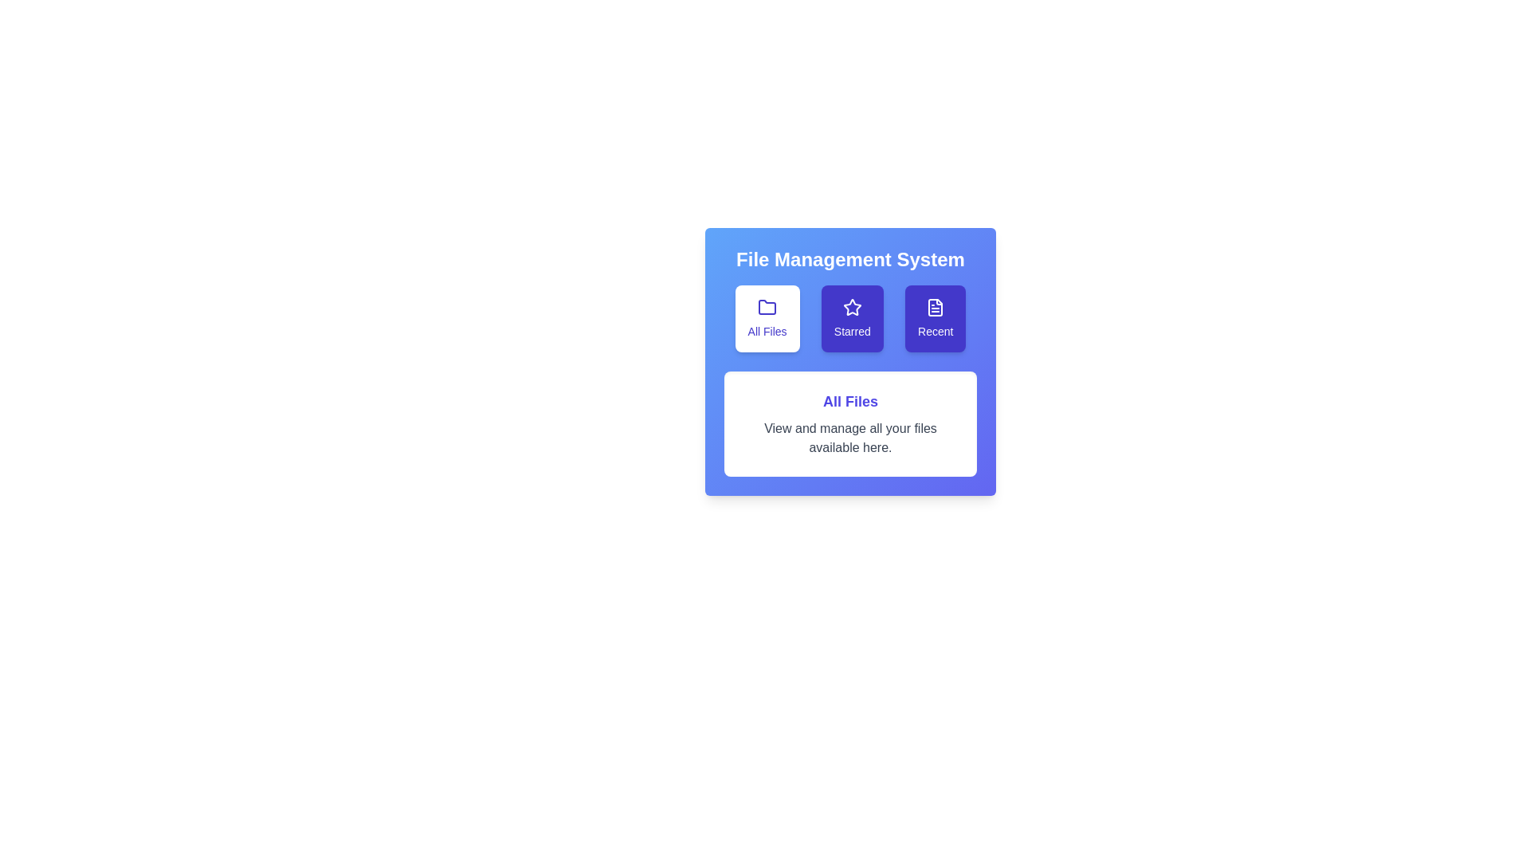 The height and width of the screenshot is (861, 1530). I want to click on the All Files tab by clicking on its corresponding button, so click(767, 319).